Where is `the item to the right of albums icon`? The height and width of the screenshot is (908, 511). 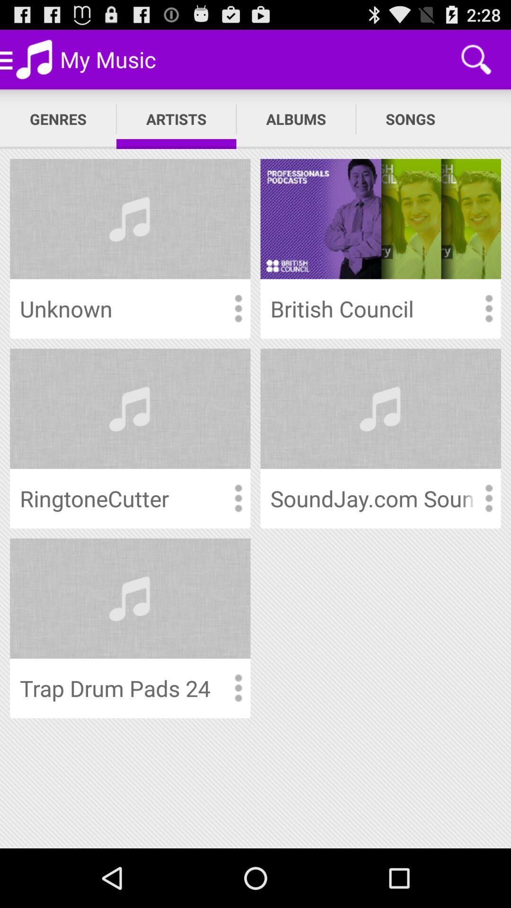 the item to the right of albums icon is located at coordinates (410, 119).